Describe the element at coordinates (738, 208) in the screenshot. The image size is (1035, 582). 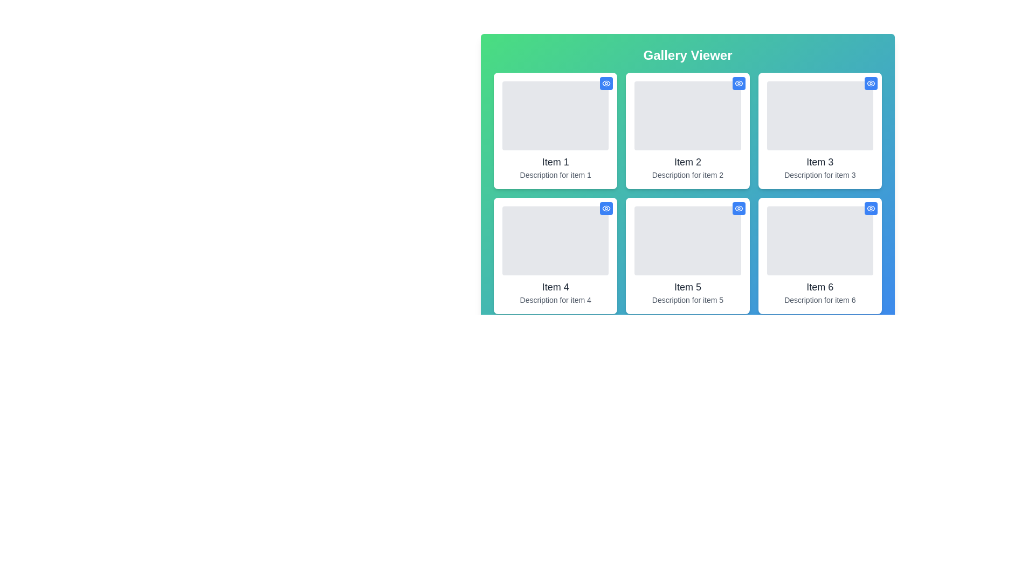
I see `the 'view' button located in the top-right corner of the card for 'Item 5'` at that location.